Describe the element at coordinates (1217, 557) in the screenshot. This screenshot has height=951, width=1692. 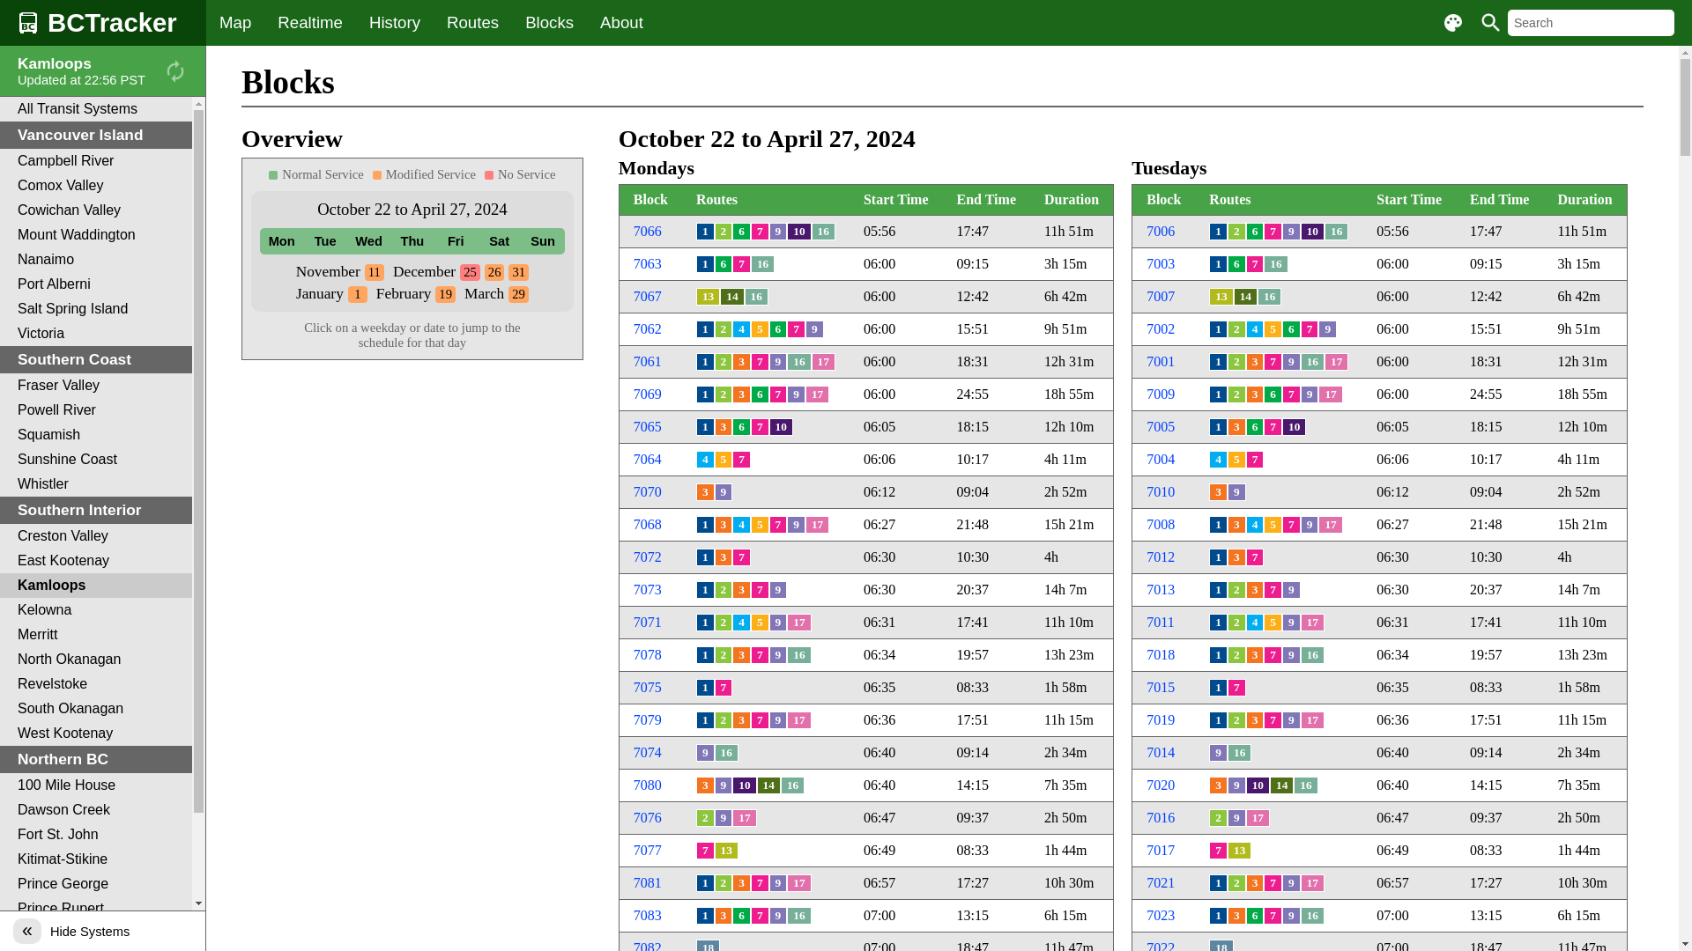
I see `'1'` at that location.